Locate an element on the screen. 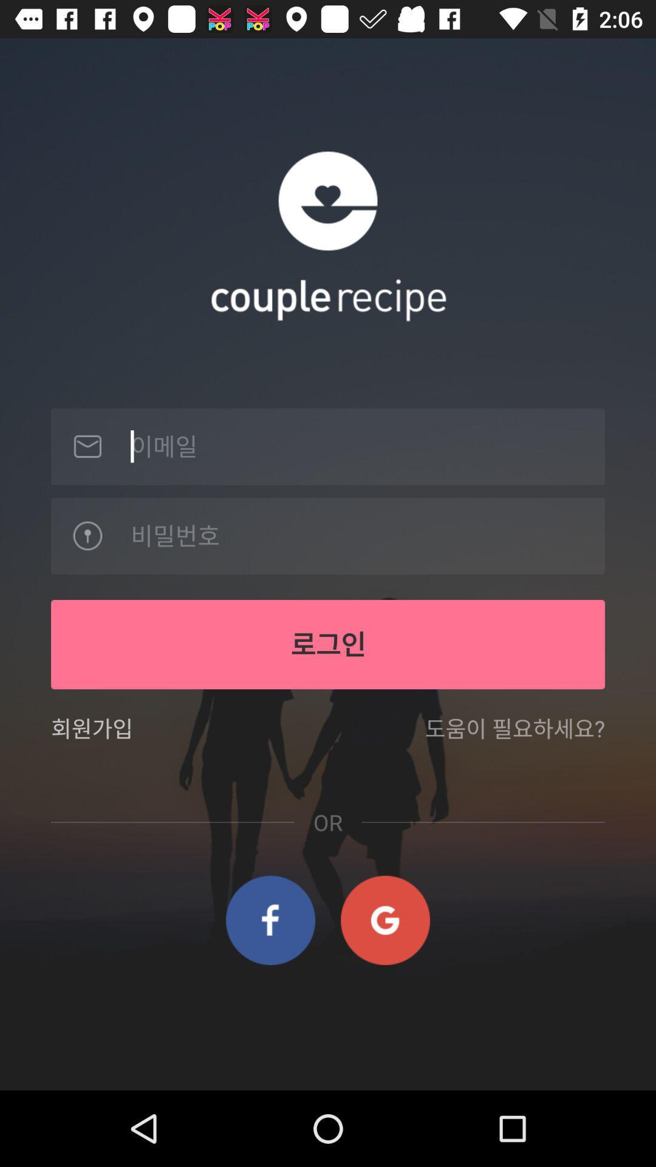 The image size is (656, 1167). item on the right is located at coordinates (514, 735).